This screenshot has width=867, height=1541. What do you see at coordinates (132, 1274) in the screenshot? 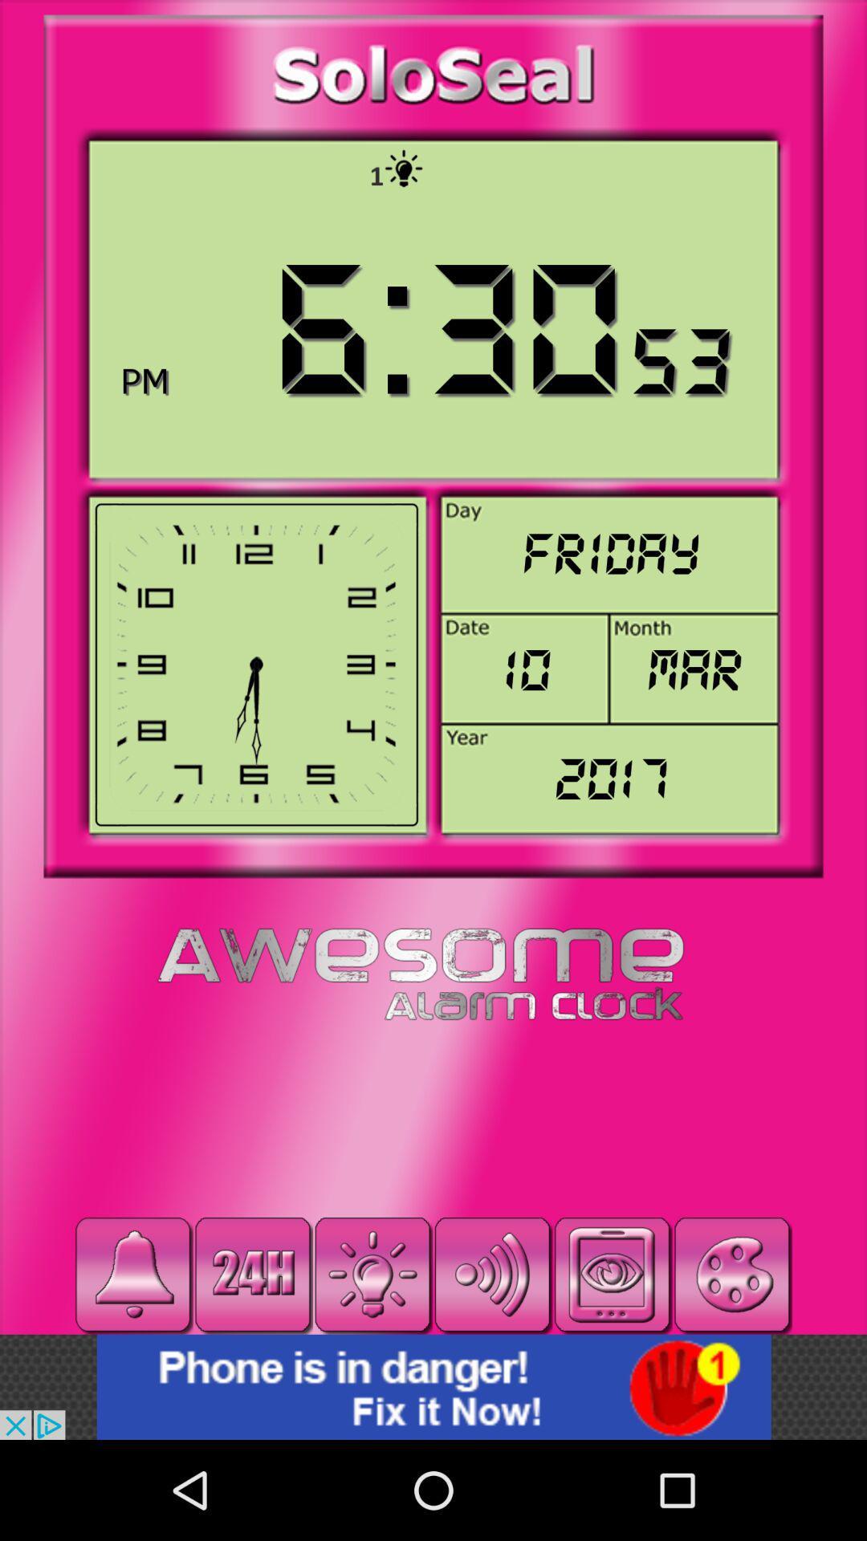
I see `an alarm` at bounding box center [132, 1274].